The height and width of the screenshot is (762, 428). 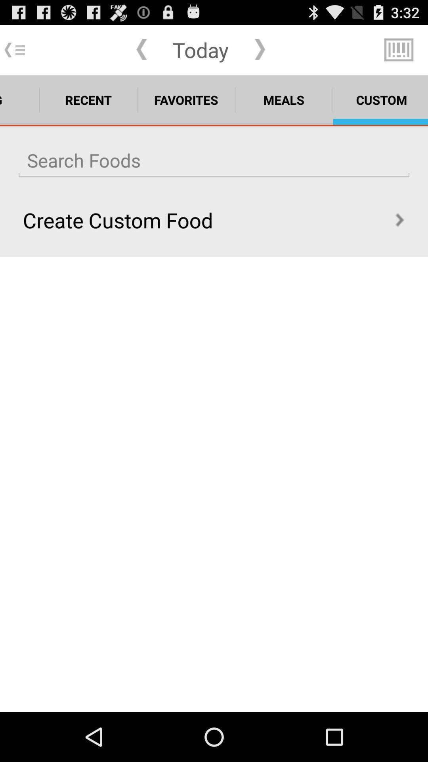 I want to click on today app, so click(x=200, y=49).